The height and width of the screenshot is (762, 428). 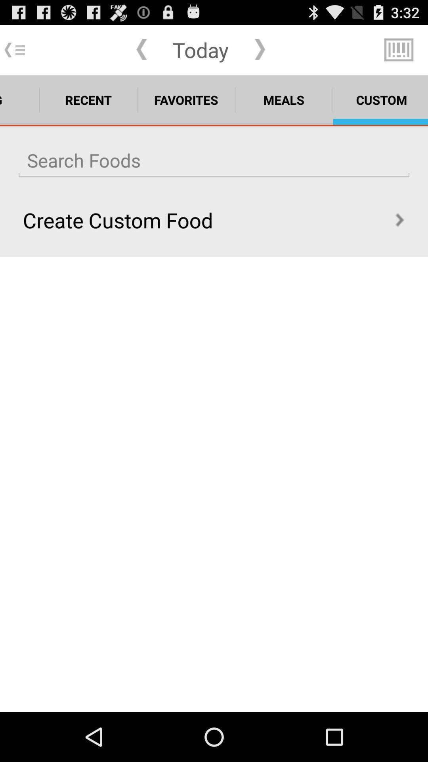 I want to click on today app, so click(x=200, y=49).